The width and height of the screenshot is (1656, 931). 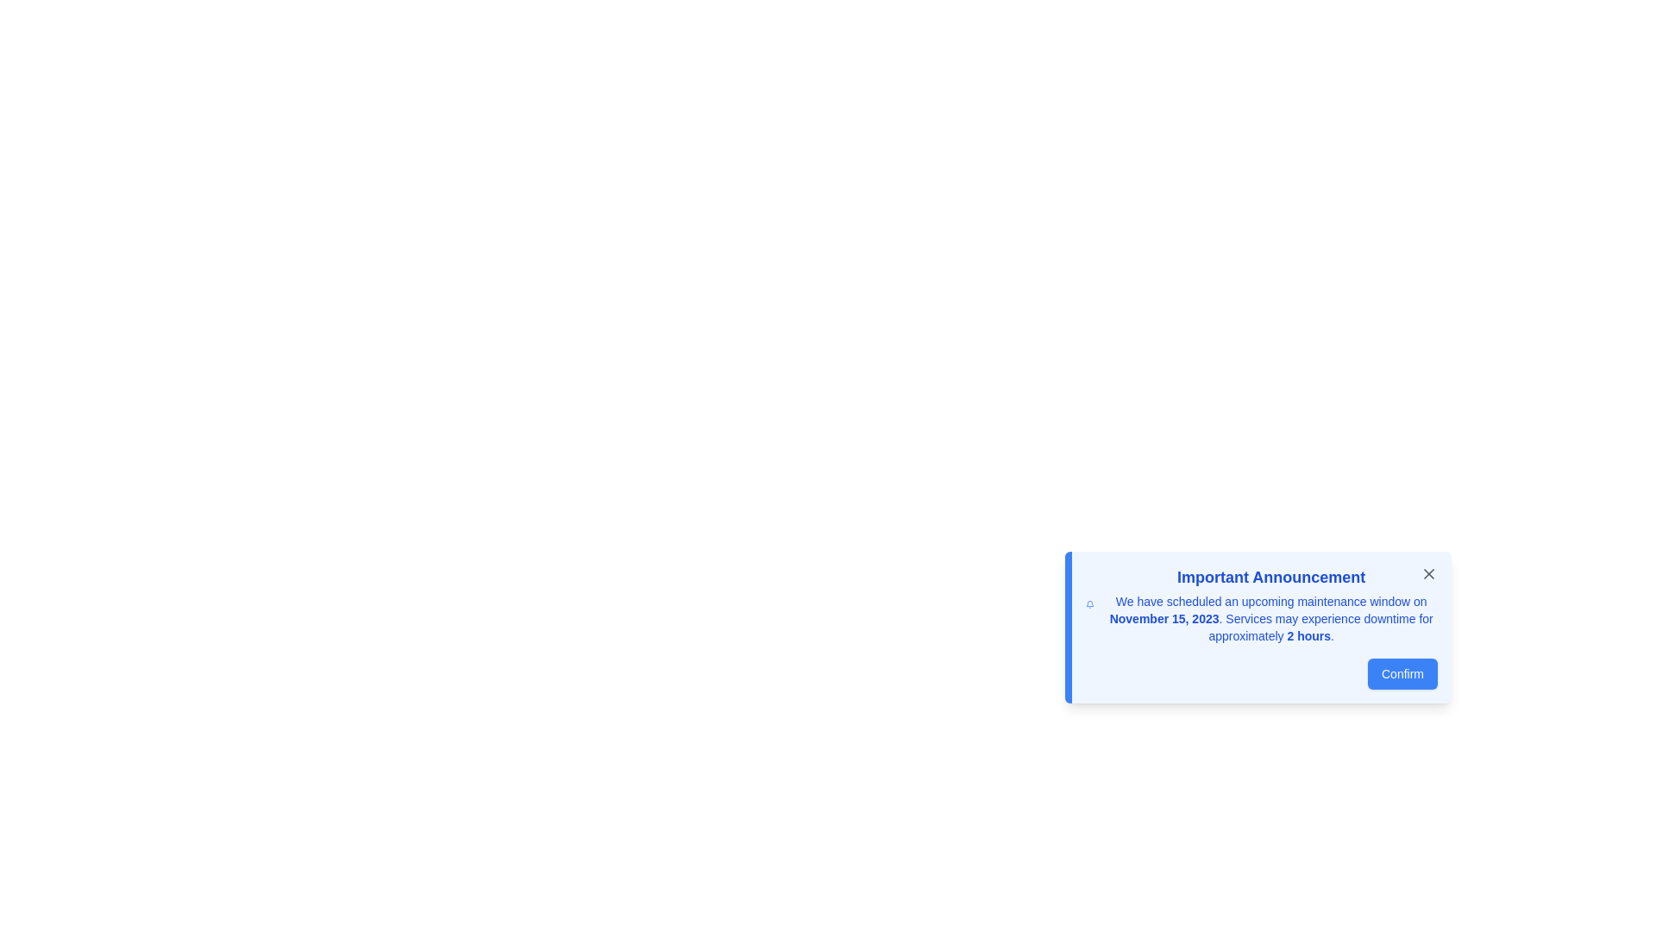 I want to click on the text label styled in bold blue font that says 'Important Announcement' located at the top of the dialog box, so click(x=1271, y=578).